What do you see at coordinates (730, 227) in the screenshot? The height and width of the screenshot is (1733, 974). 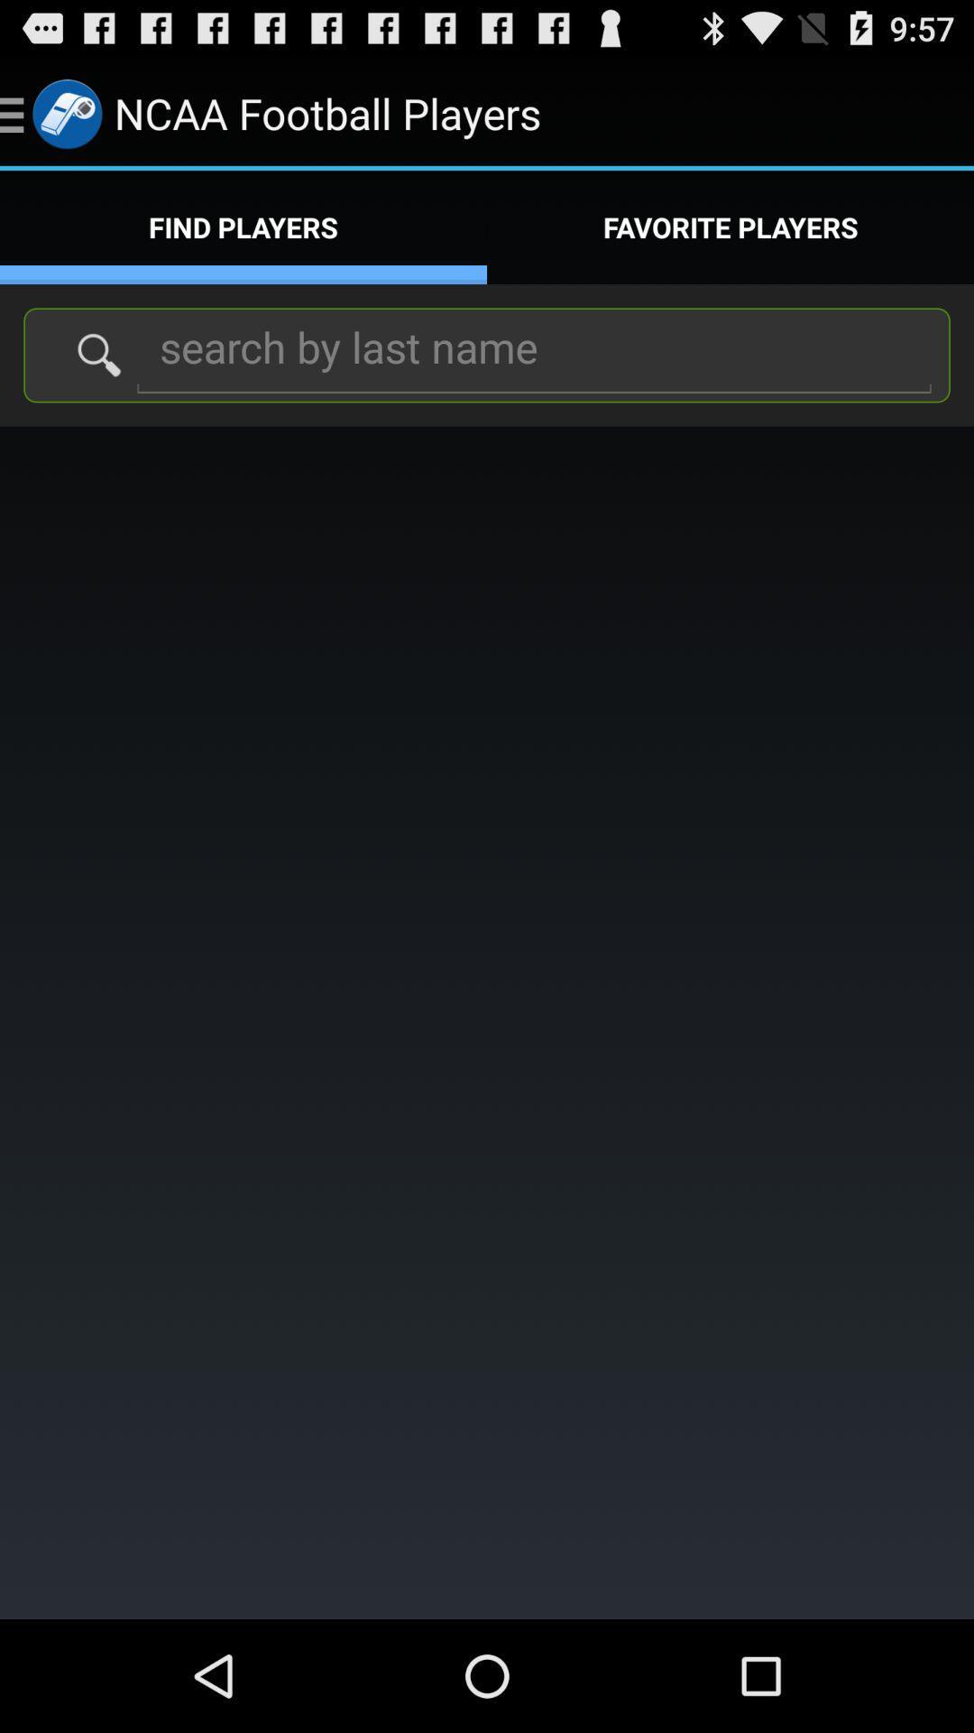 I see `app to the right of find players app` at bounding box center [730, 227].